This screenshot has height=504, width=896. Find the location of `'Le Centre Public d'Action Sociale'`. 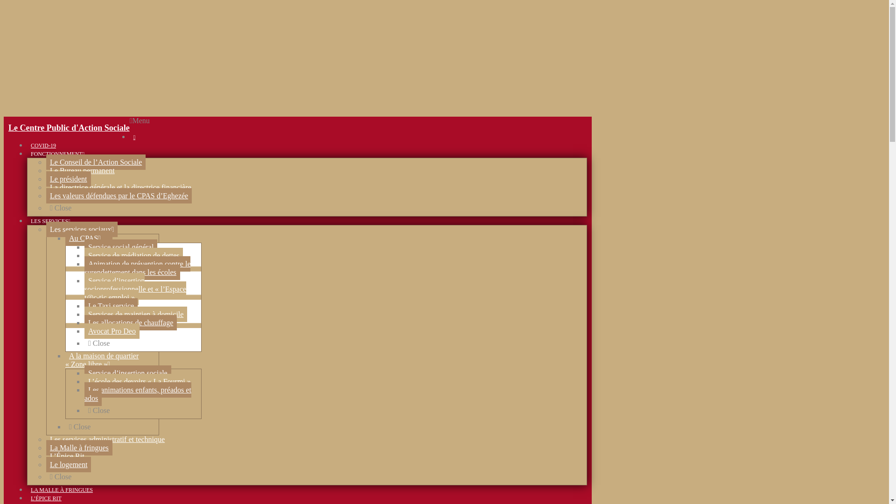

'Le Centre Public d'Action Sociale' is located at coordinates (69, 127).